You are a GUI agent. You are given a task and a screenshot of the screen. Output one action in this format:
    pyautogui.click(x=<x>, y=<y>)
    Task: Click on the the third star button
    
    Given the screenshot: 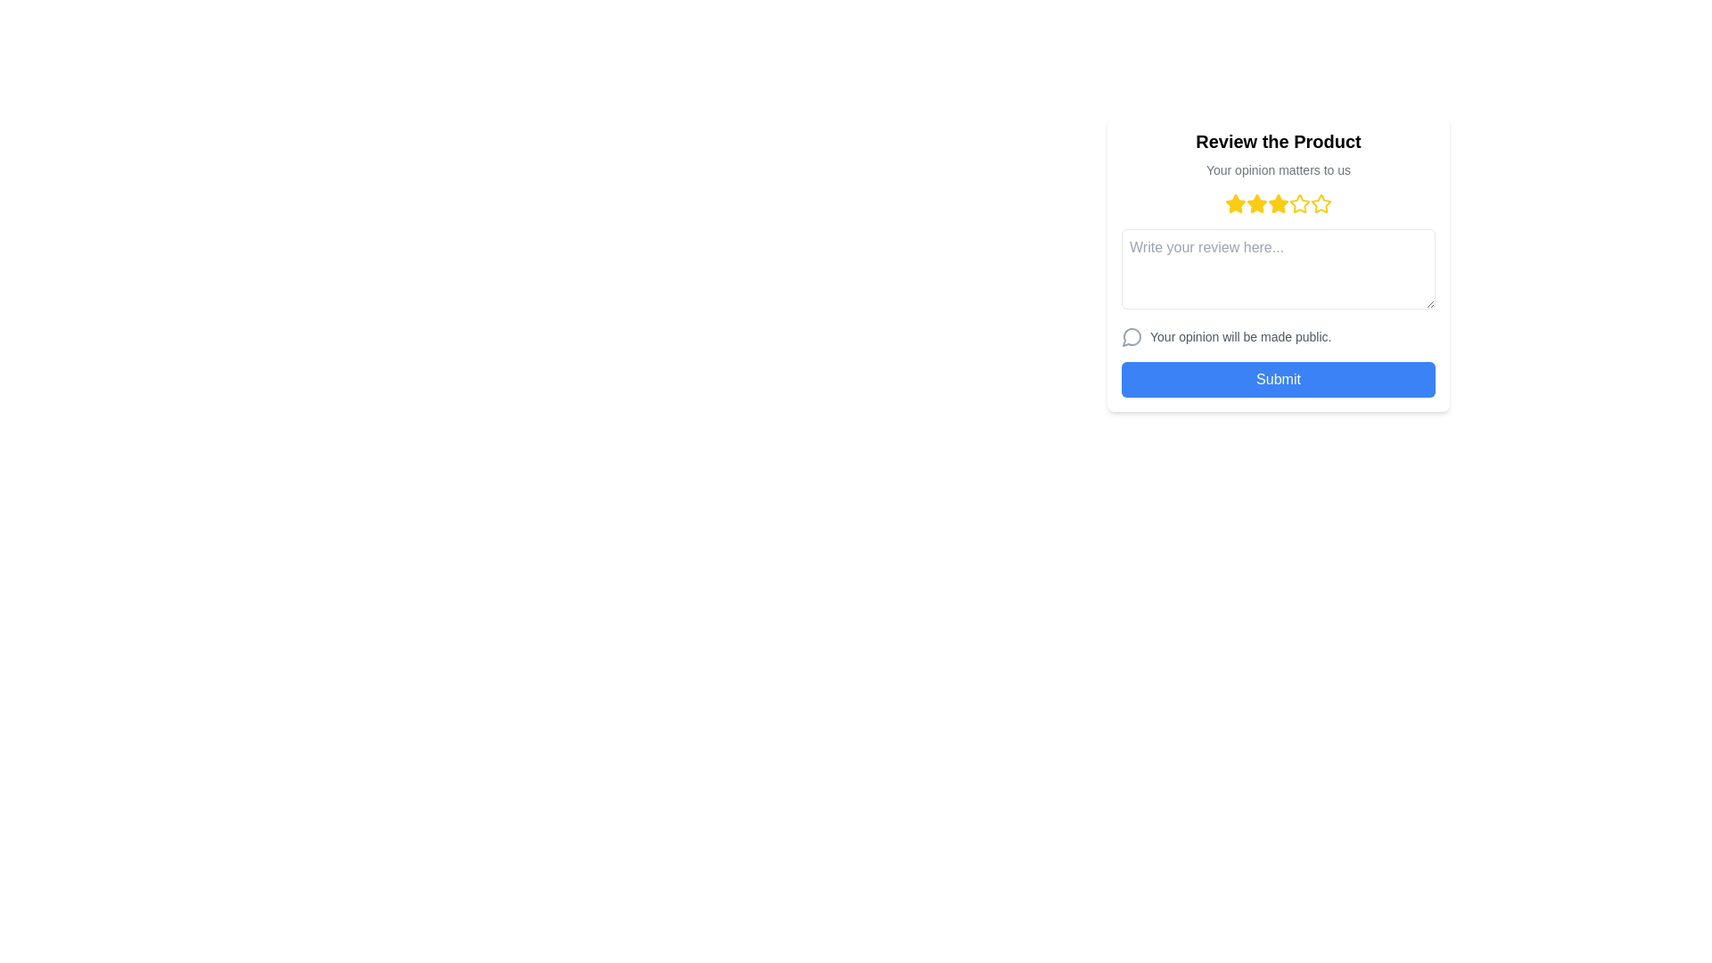 What is the action you would take?
    pyautogui.click(x=1278, y=202)
    